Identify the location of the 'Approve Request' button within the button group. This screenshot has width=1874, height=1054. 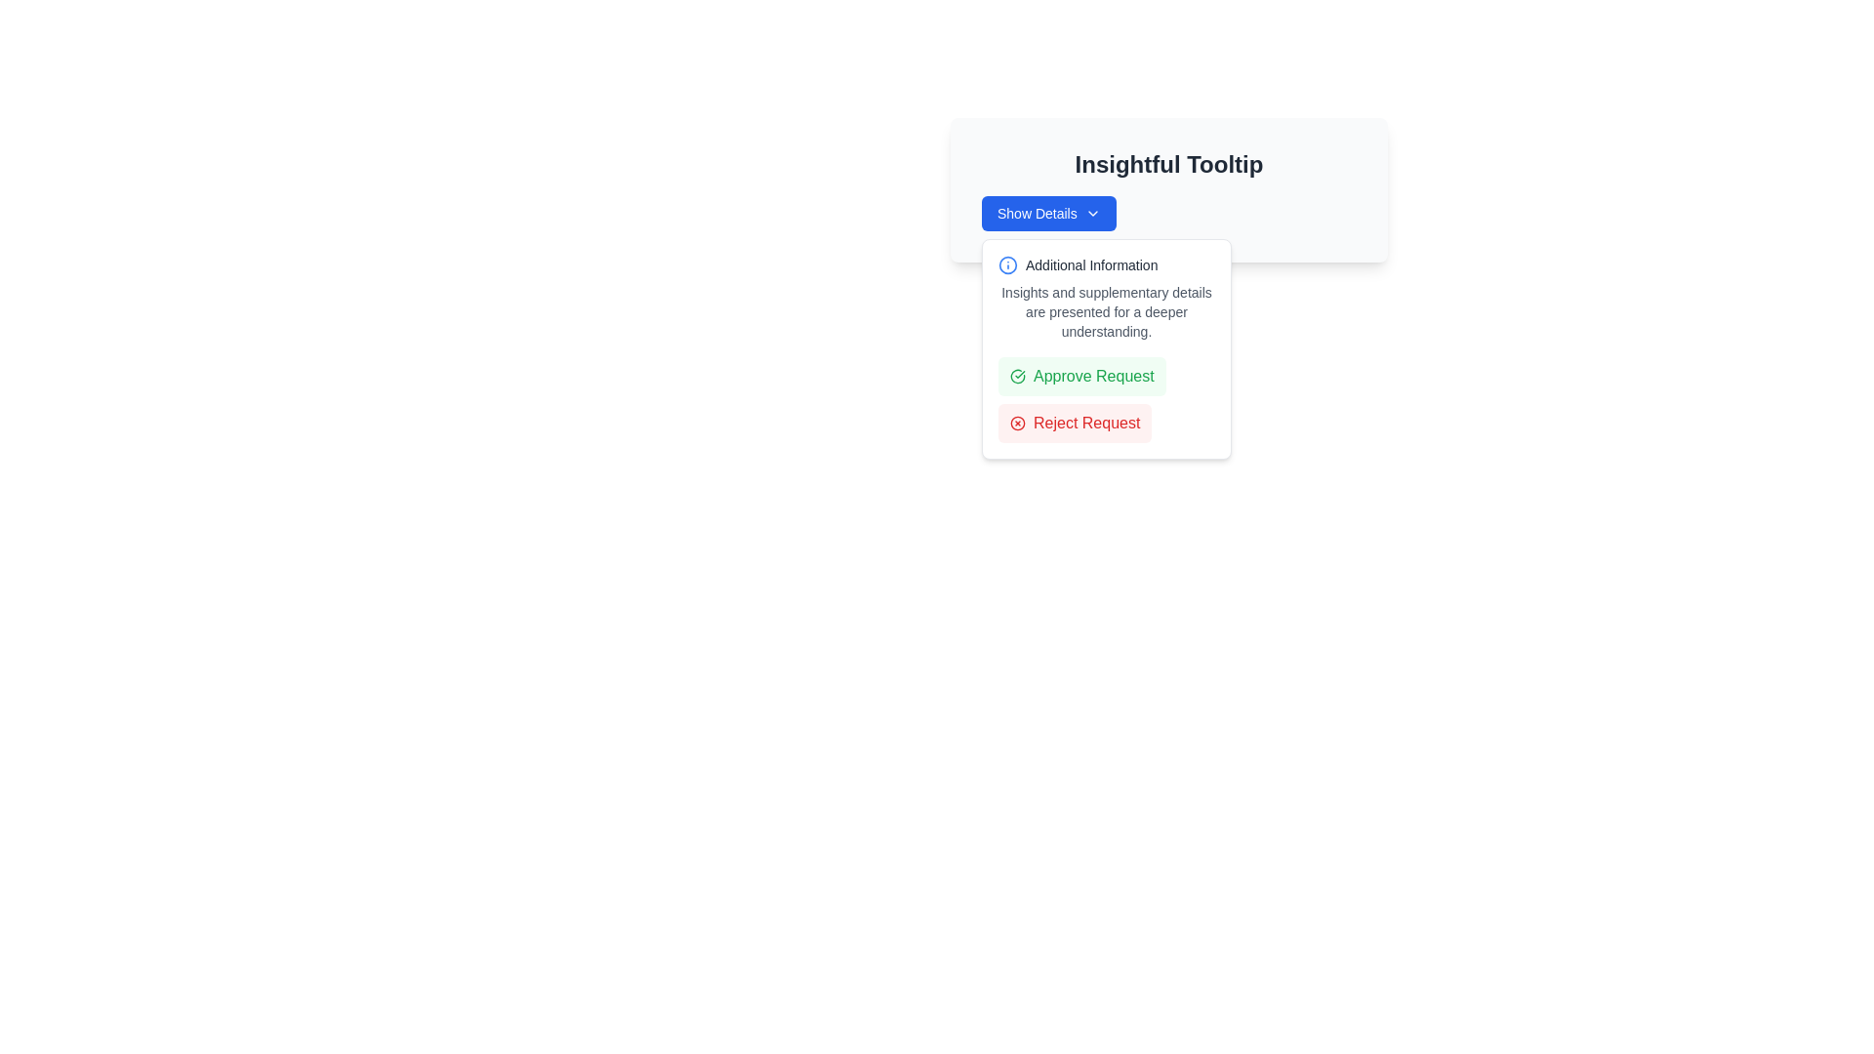
(1106, 398).